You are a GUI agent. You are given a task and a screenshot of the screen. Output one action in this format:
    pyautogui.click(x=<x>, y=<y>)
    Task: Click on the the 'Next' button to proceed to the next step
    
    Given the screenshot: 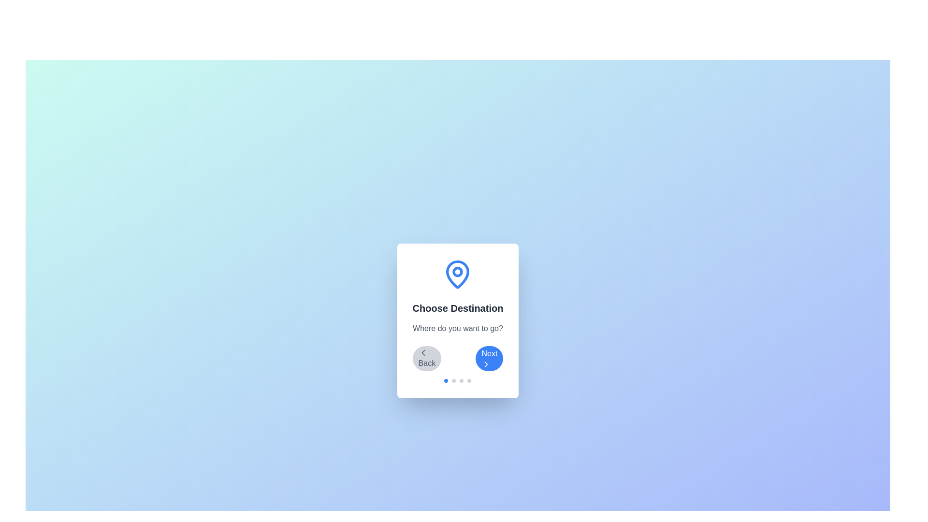 What is the action you would take?
    pyautogui.click(x=489, y=358)
    